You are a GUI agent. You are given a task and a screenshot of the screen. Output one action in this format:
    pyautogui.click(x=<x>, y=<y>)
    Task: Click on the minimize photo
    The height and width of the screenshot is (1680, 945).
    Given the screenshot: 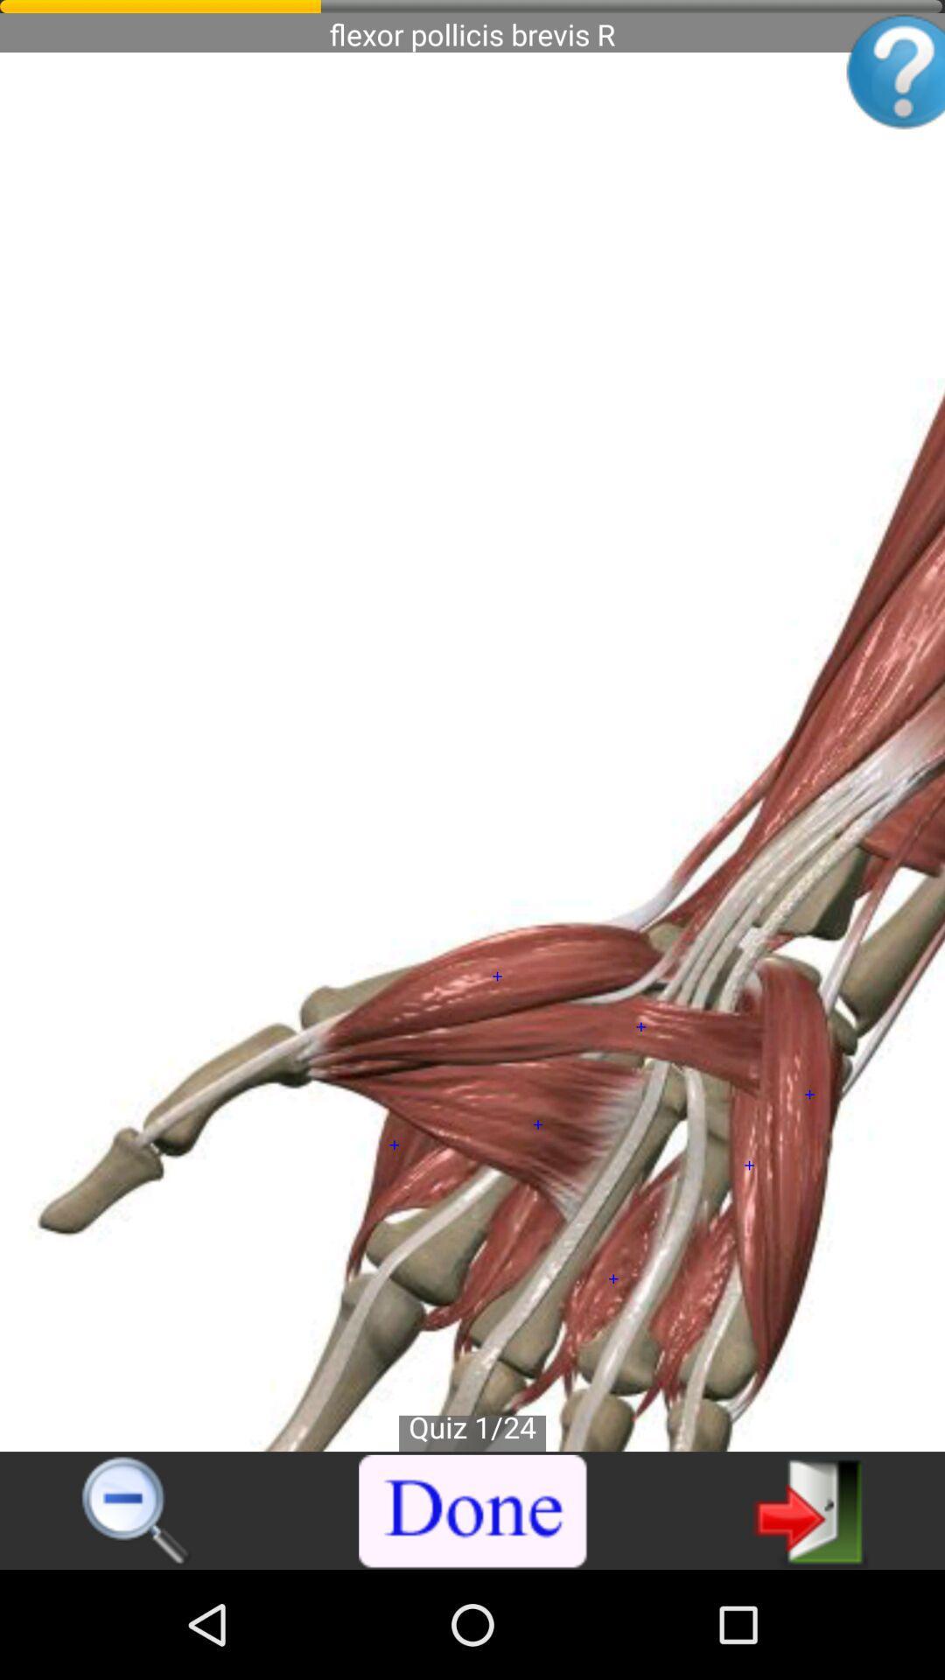 What is the action you would take?
    pyautogui.click(x=136, y=1511)
    